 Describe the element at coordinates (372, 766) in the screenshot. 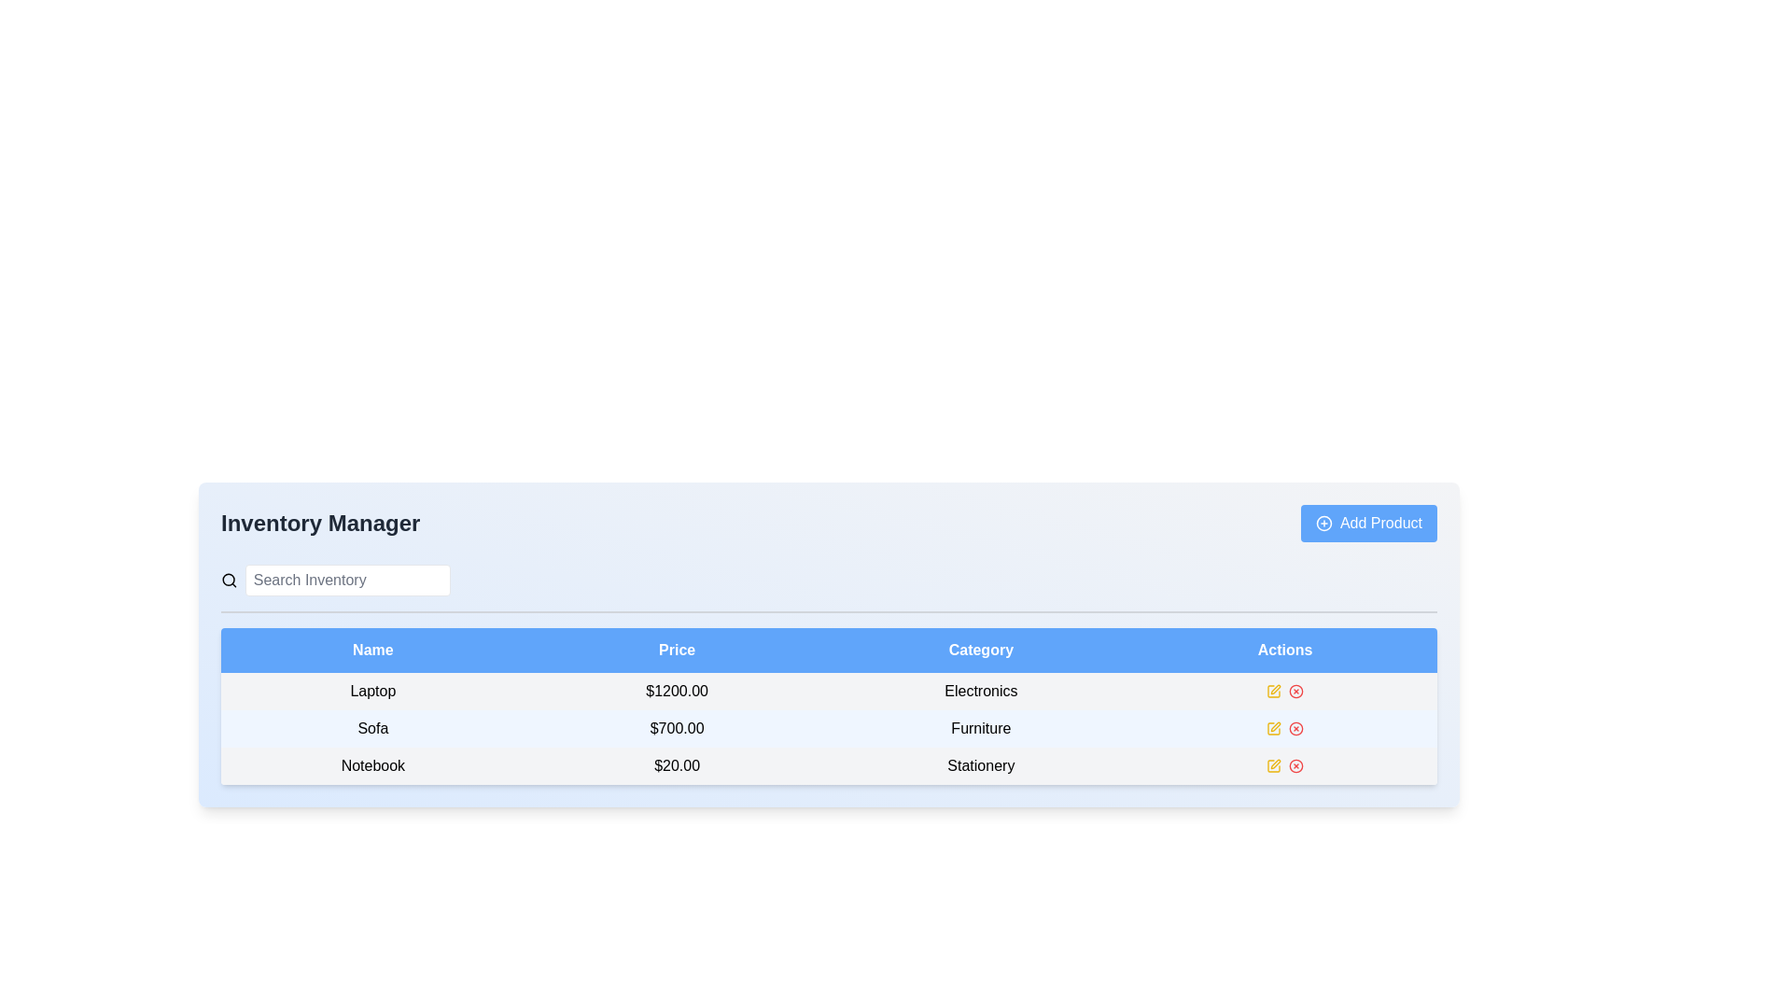

I see `the Text Label displaying 'Notebook' in the first column of the third row under the 'Inventory Manager' header` at that location.